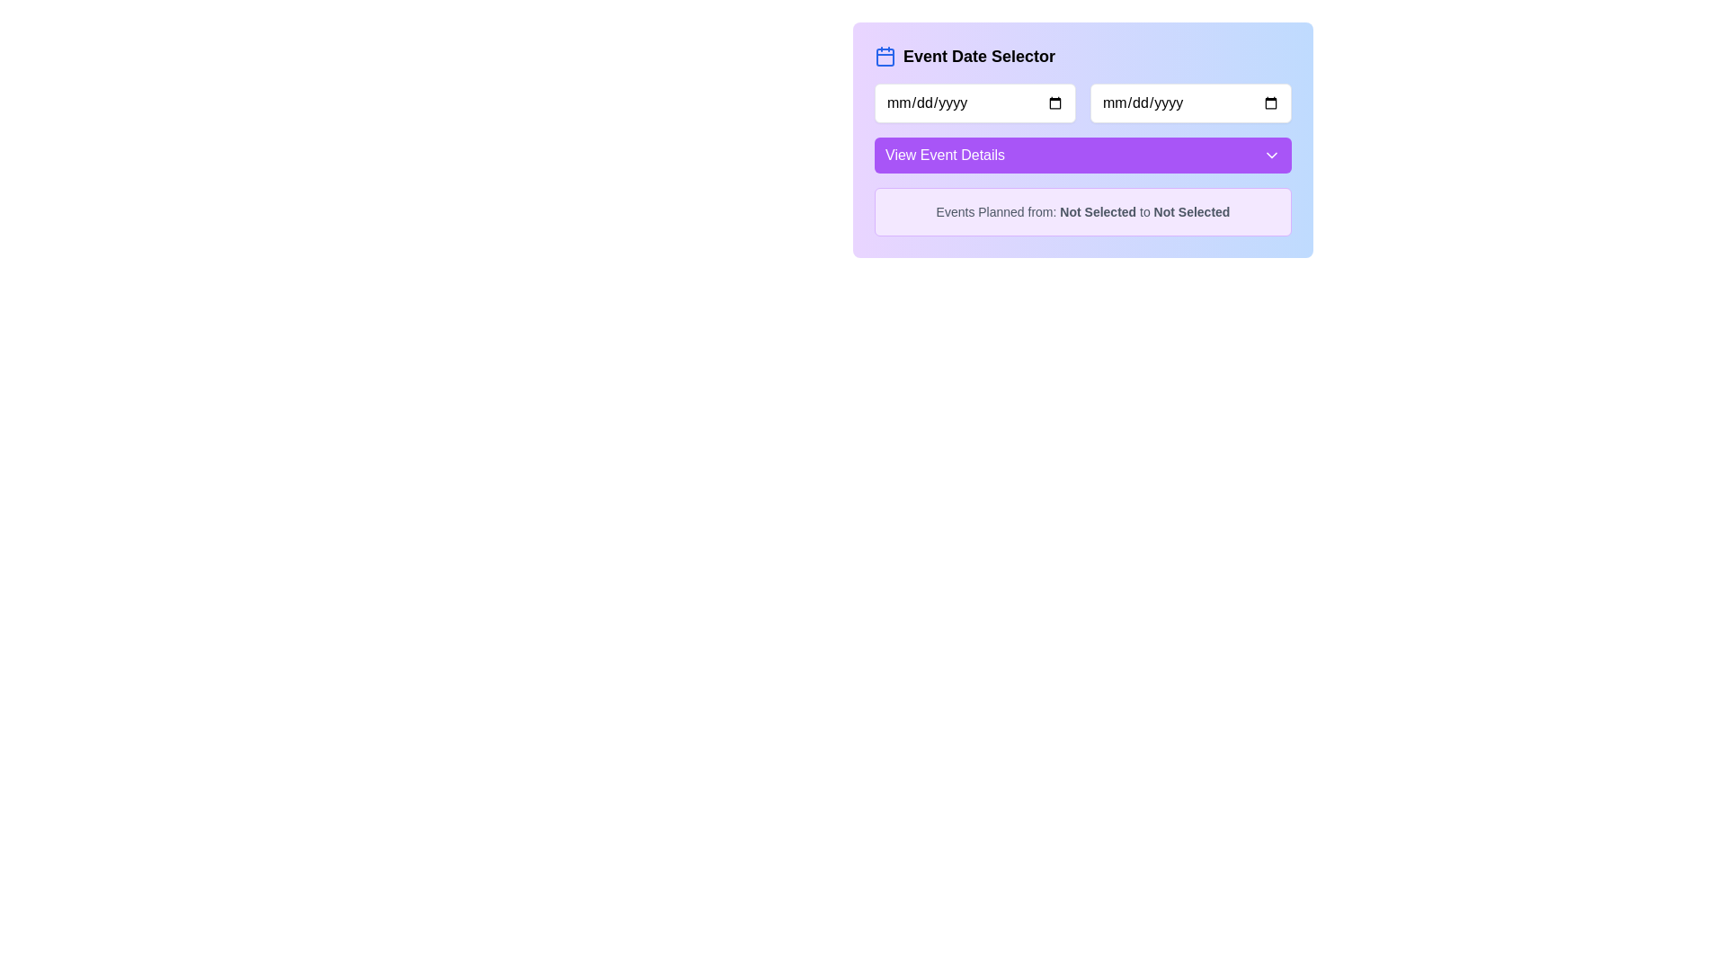 This screenshot has height=971, width=1726. Describe the element at coordinates (1097, 210) in the screenshot. I see `text displayed in the first 'Not Selected' label, which is part of the statement 'Events Planned from: Not Selected to Not Selected' located below the 'View Event Details' button` at that location.